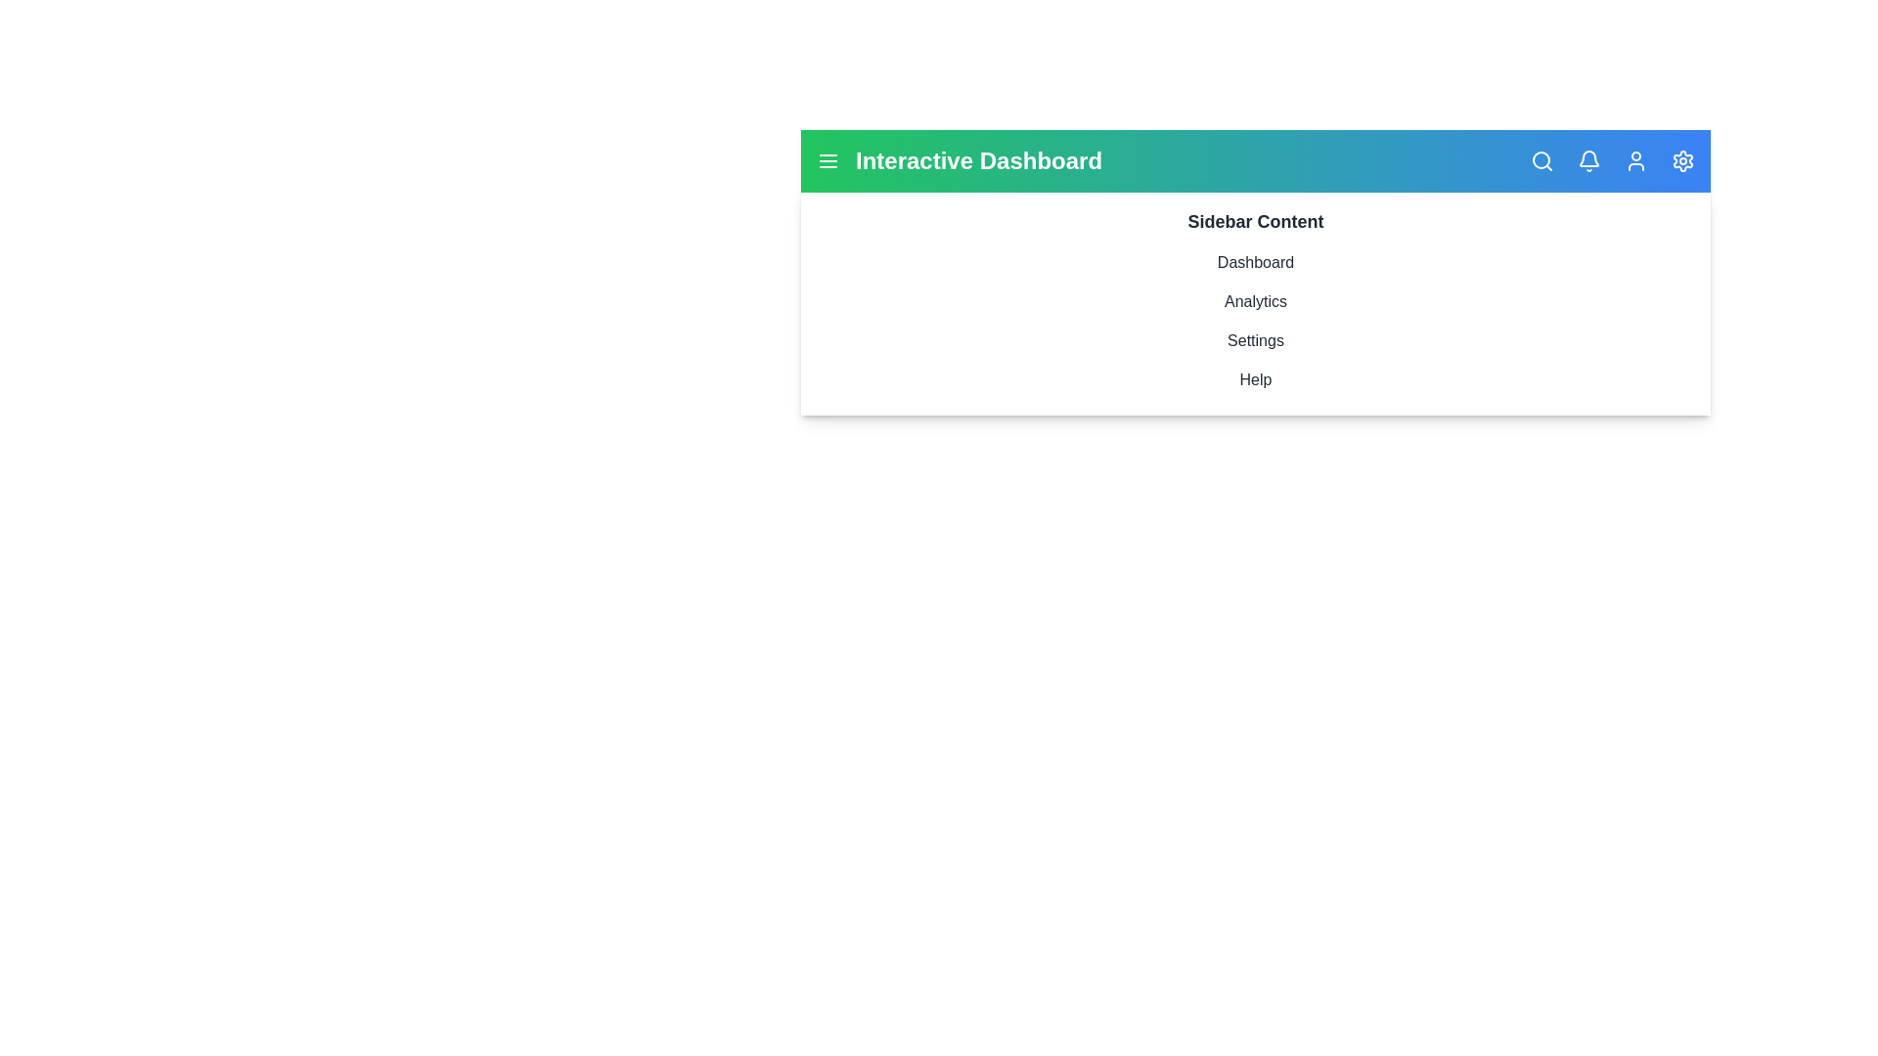 The height and width of the screenshot is (1056, 1878). Describe the element at coordinates (979, 160) in the screenshot. I see `the header text 'Interactive Dashboard'` at that location.